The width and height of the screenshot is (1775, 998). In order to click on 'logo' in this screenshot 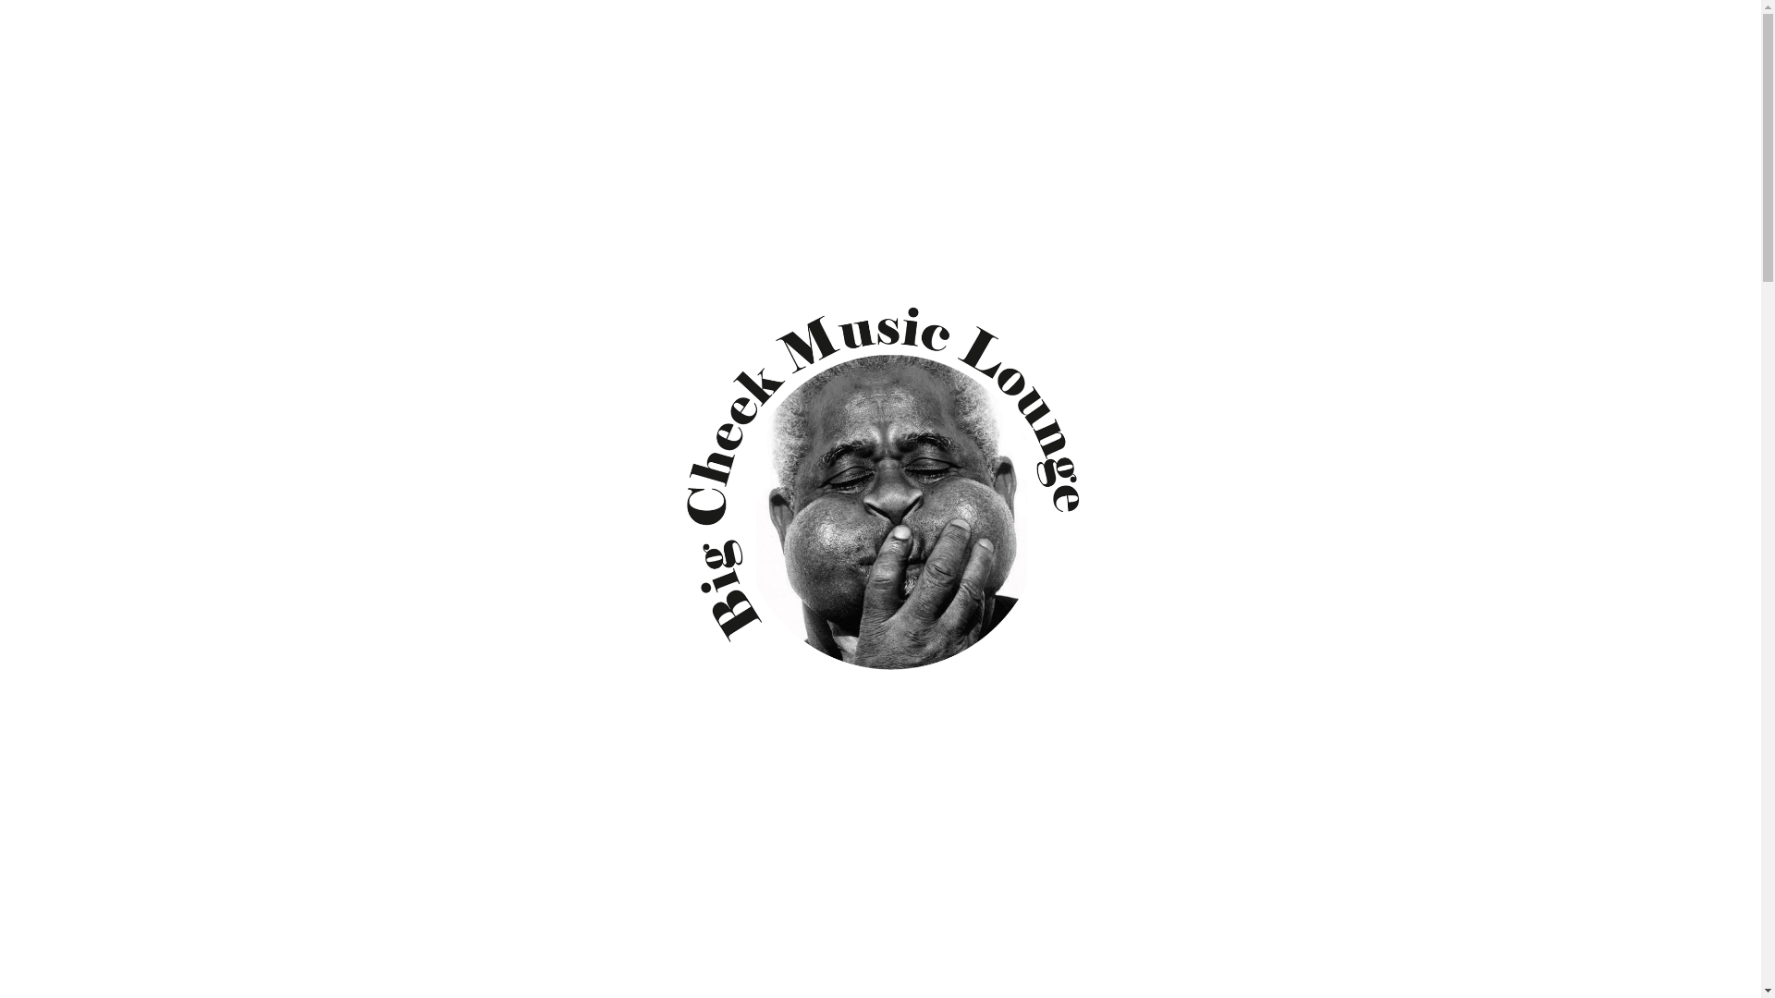, I will do `click(878, 503)`.